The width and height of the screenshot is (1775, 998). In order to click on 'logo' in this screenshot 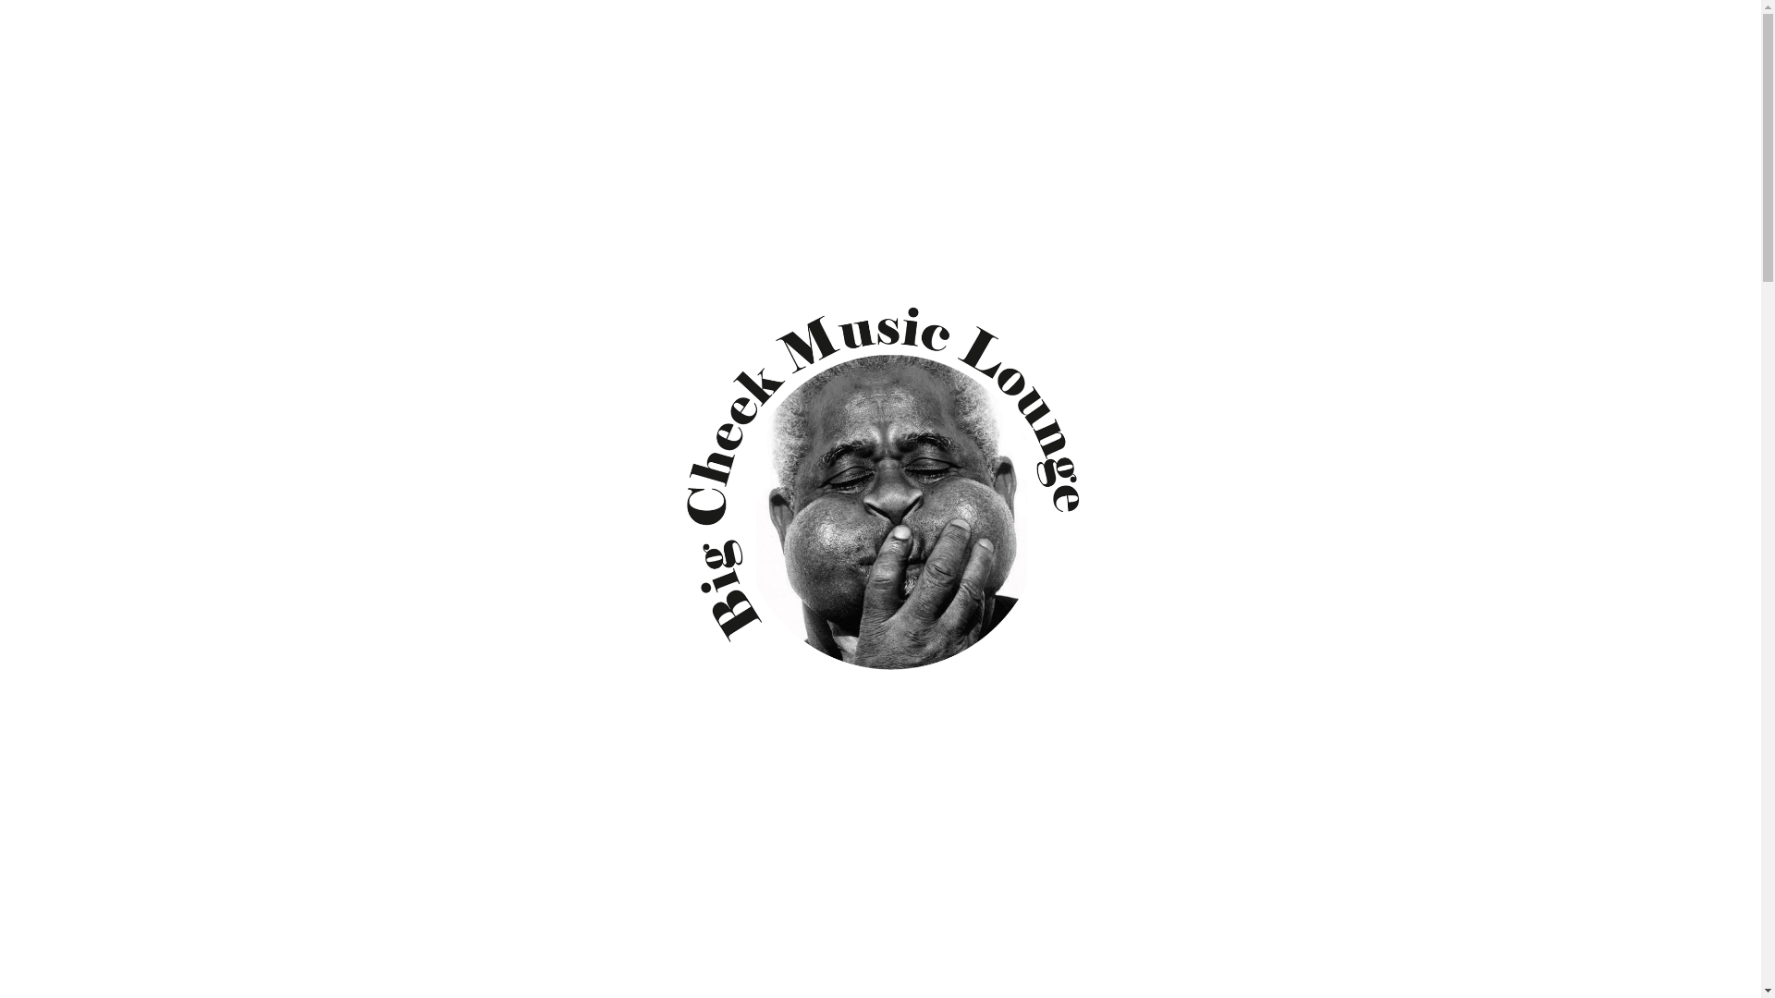, I will do `click(878, 503)`.